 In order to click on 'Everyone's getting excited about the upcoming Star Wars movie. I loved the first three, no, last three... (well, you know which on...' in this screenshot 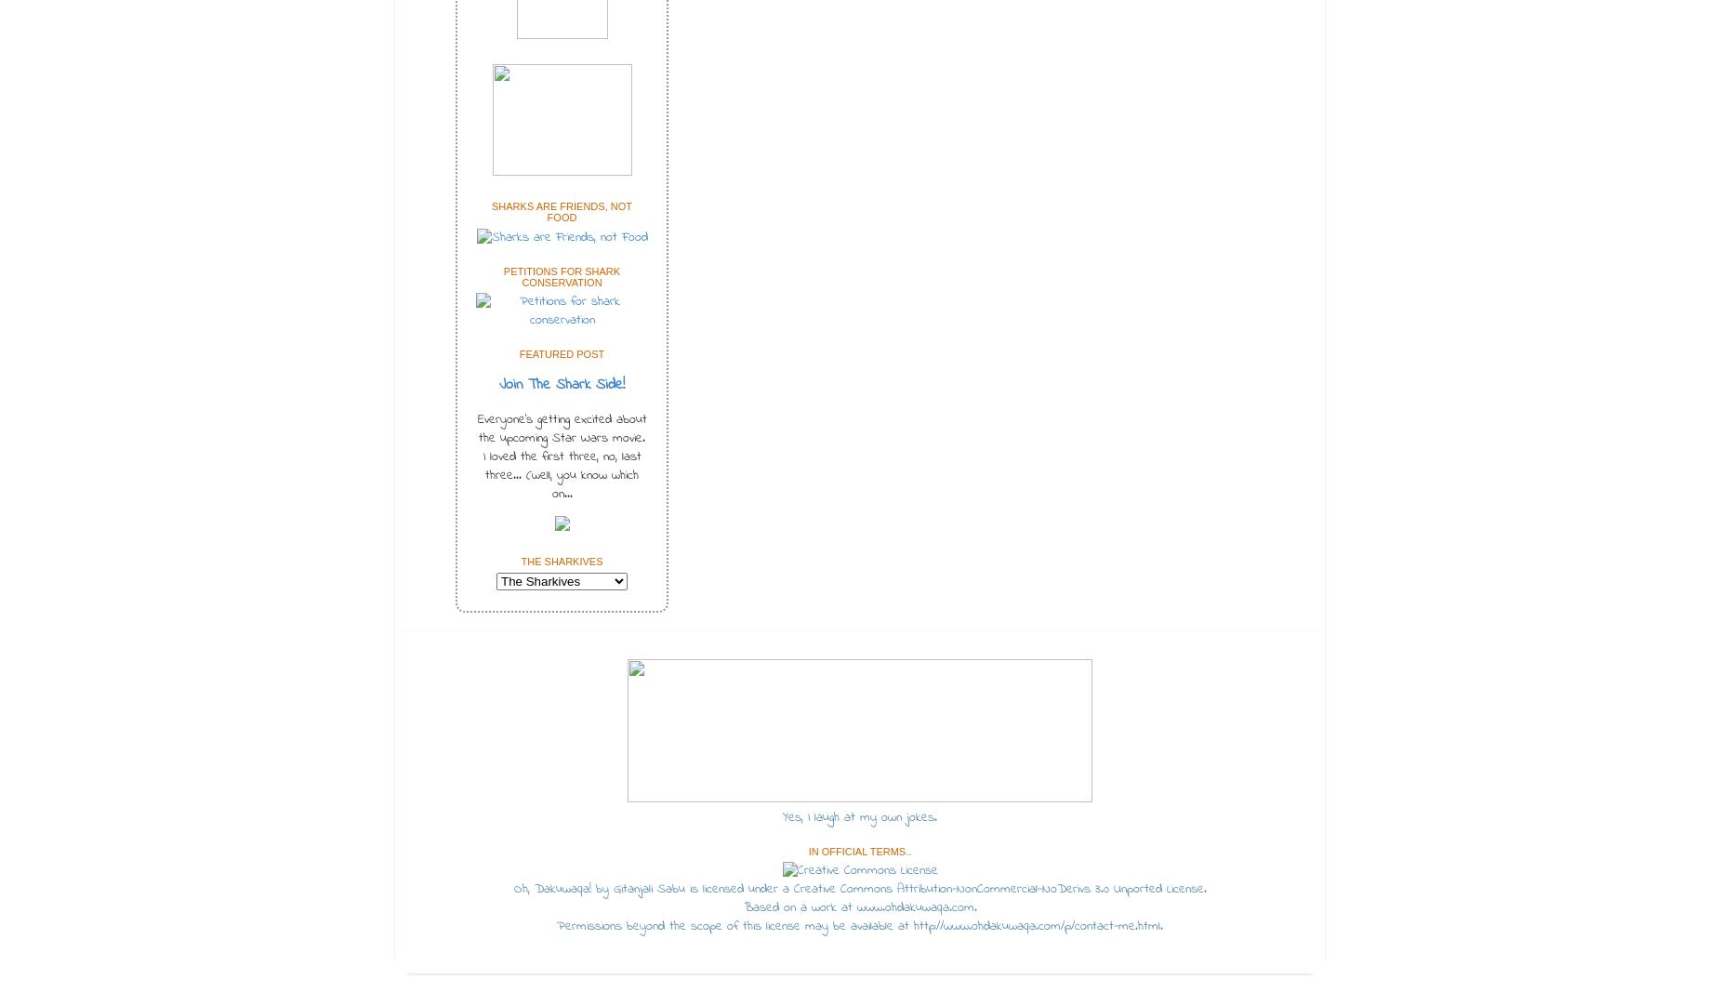, I will do `click(562, 456)`.